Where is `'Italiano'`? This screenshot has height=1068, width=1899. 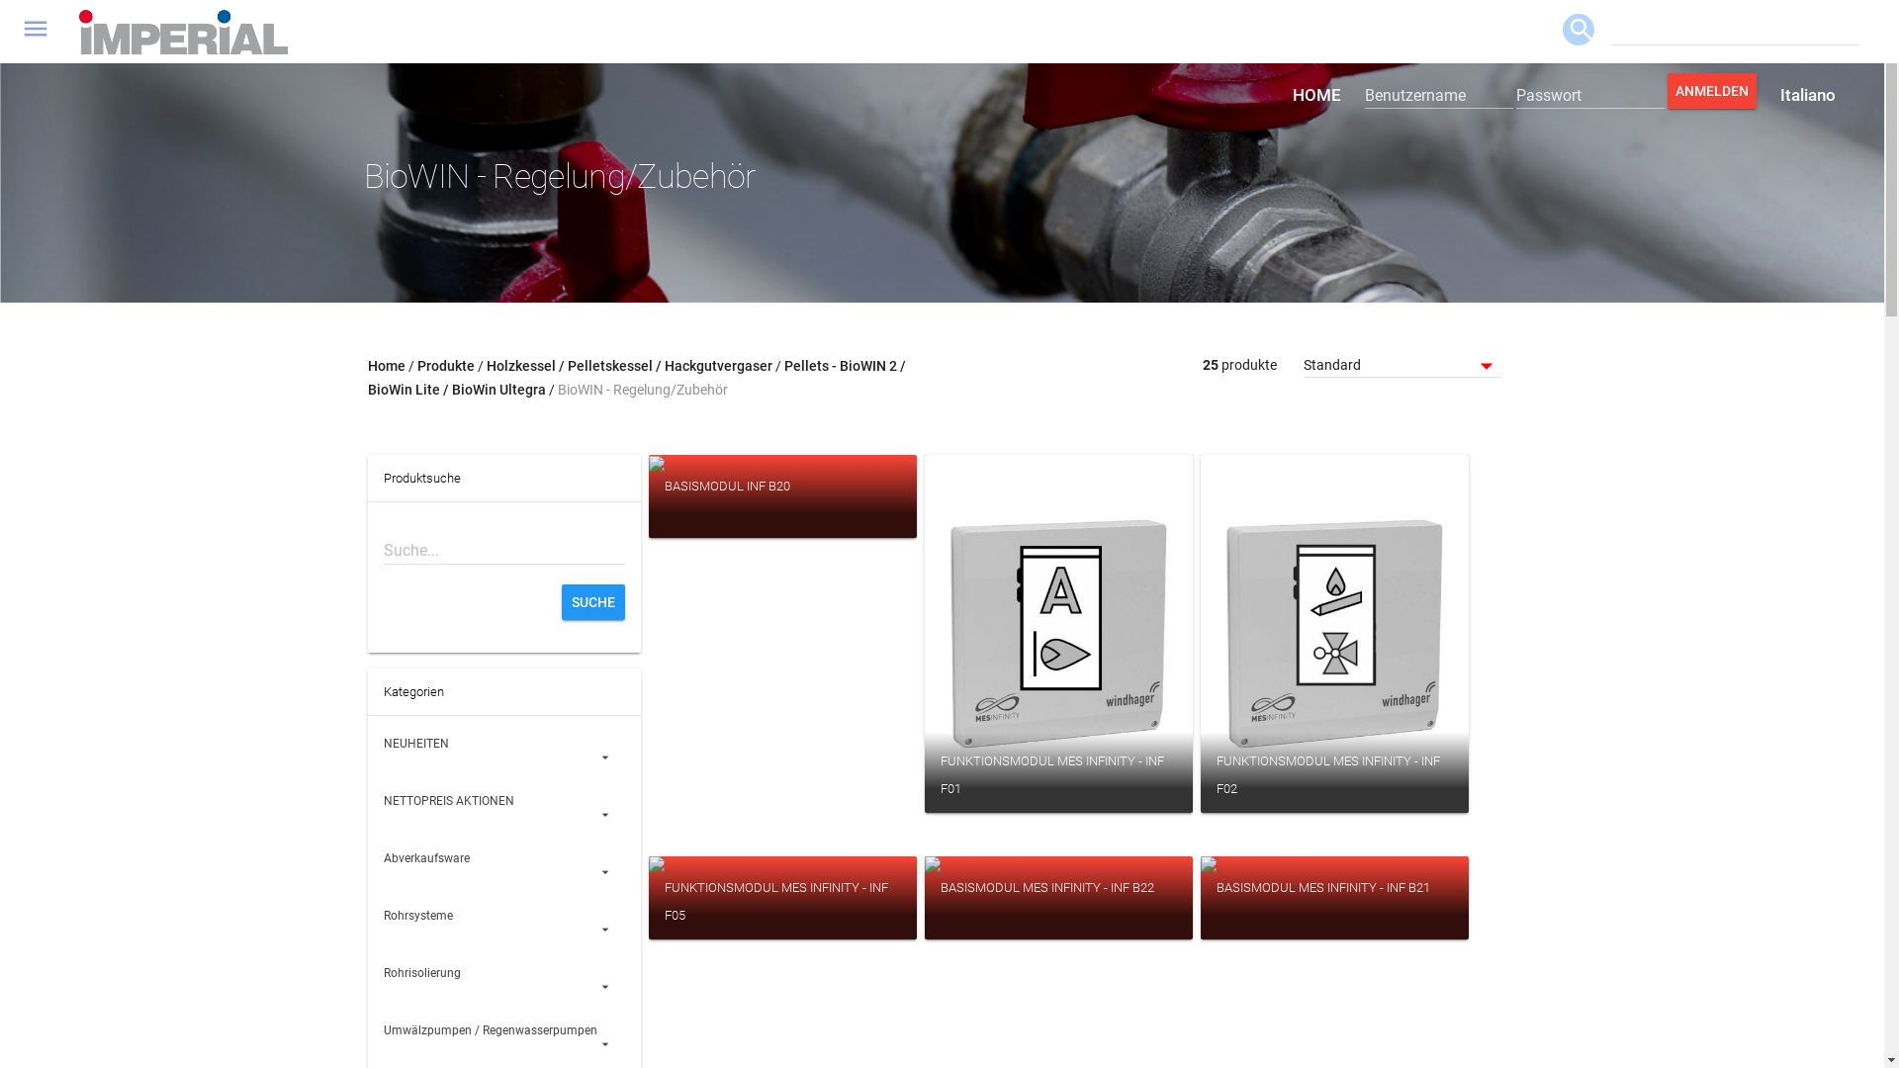
'Italiano' is located at coordinates (1757, 95).